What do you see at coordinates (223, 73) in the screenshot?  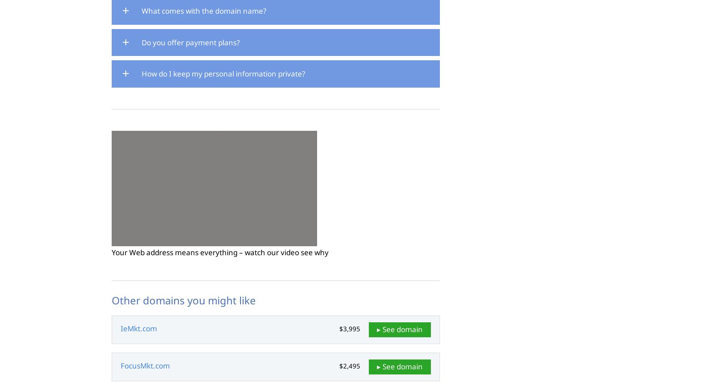 I see `'How do I keep my personal information private?'` at bounding box center [223, 73].